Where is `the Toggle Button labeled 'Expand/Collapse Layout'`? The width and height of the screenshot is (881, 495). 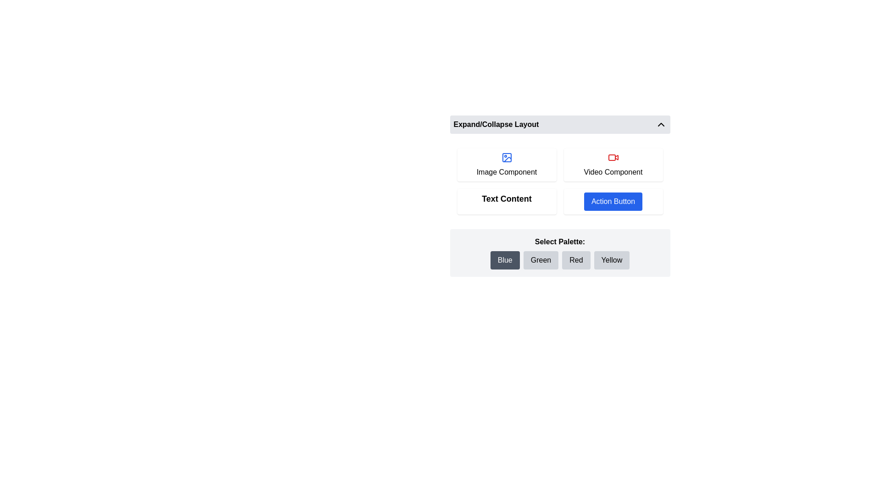 the Toggle Button labeled 'Expand/Collapse Layout' is located at coordinates (559, 125).